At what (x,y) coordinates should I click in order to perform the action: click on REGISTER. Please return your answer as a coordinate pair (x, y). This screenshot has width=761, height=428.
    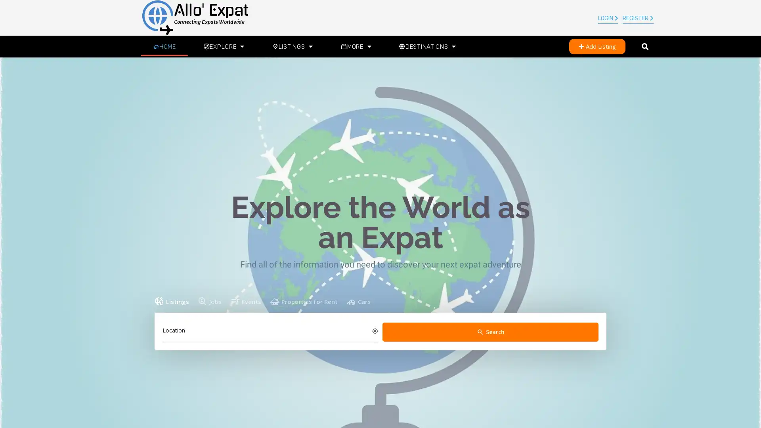
    Looking at the image, I should click on (637, 18).